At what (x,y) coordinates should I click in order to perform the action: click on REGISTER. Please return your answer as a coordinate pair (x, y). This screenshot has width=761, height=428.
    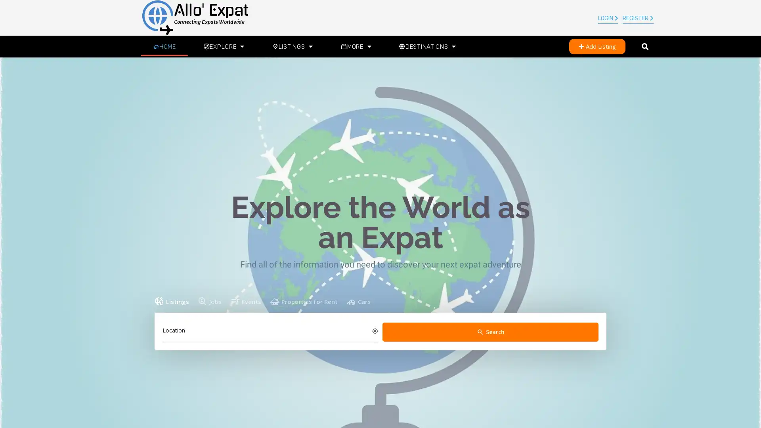
    Looking at the image, I should click on (637, 18).